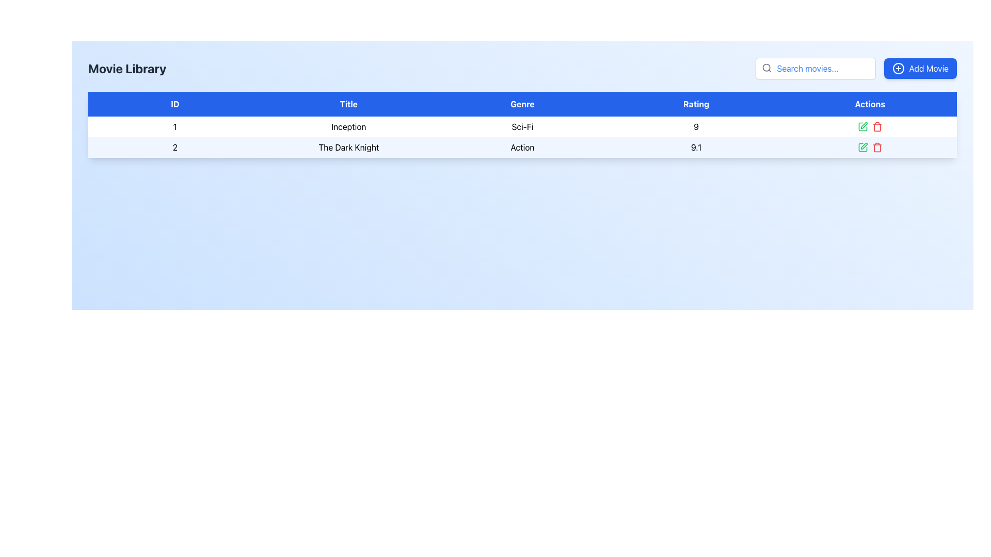 The height and width of the screenshot is (557, 991). What do you see at coordinates (862, 126) in the screenshot?
I see `the pencil icon button located in the 'Actions' column of the table to initiate an edit action for 'The Dark Knight'` at bounding box center [862, 126].